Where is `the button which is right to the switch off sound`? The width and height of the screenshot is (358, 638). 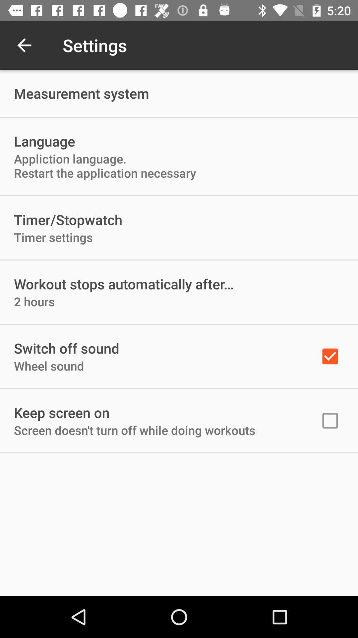 the button which is right to the switch off sound is located at coordinates (330, 356).